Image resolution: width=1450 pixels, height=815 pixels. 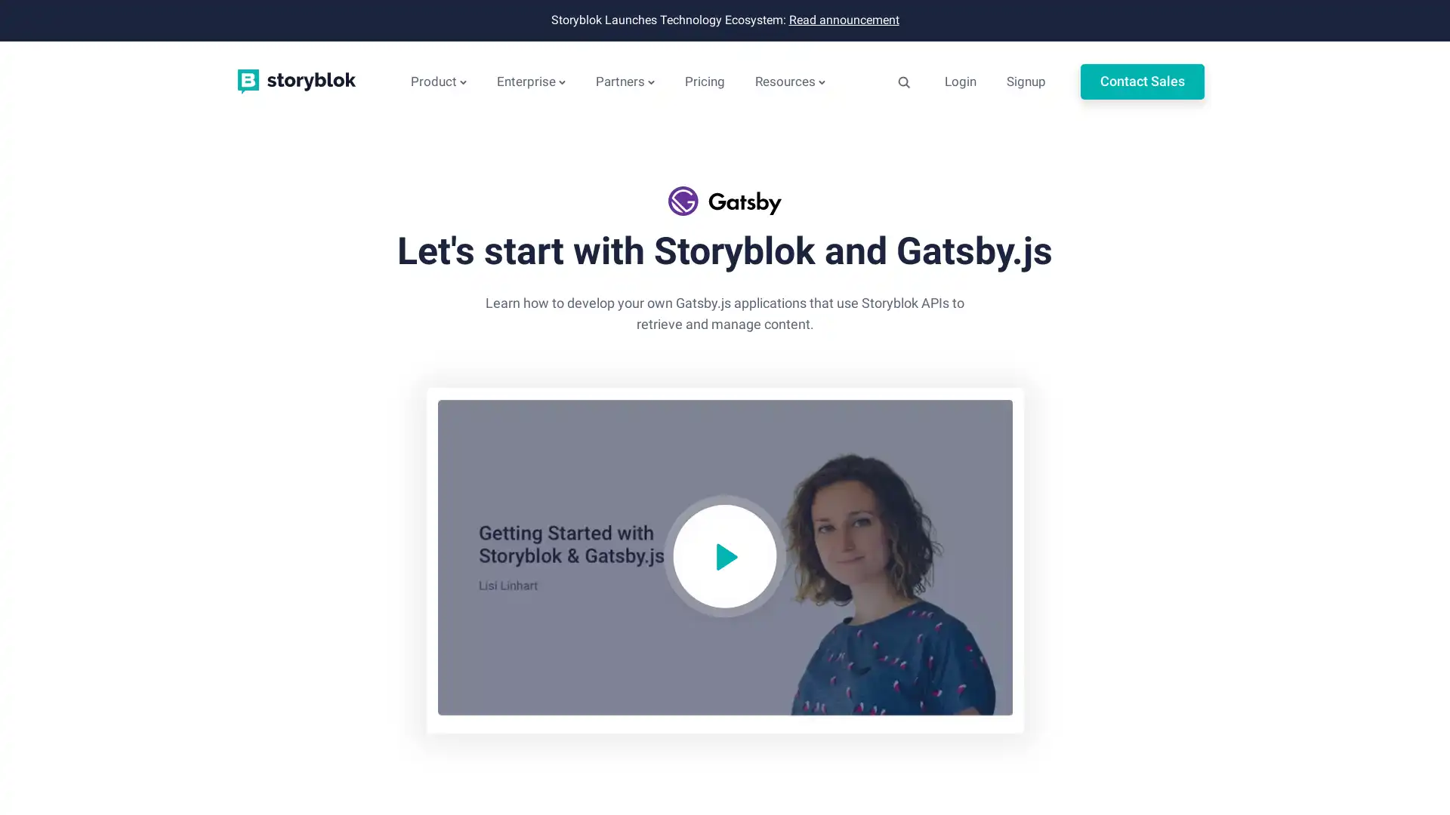 I want to click on Click to load and start video, so click(x=723, y=560).